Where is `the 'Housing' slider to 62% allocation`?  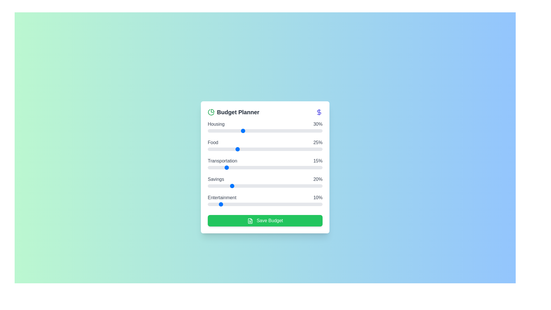 the 'Housing' slider to 62% allocation is located at coordinates (279, 131).